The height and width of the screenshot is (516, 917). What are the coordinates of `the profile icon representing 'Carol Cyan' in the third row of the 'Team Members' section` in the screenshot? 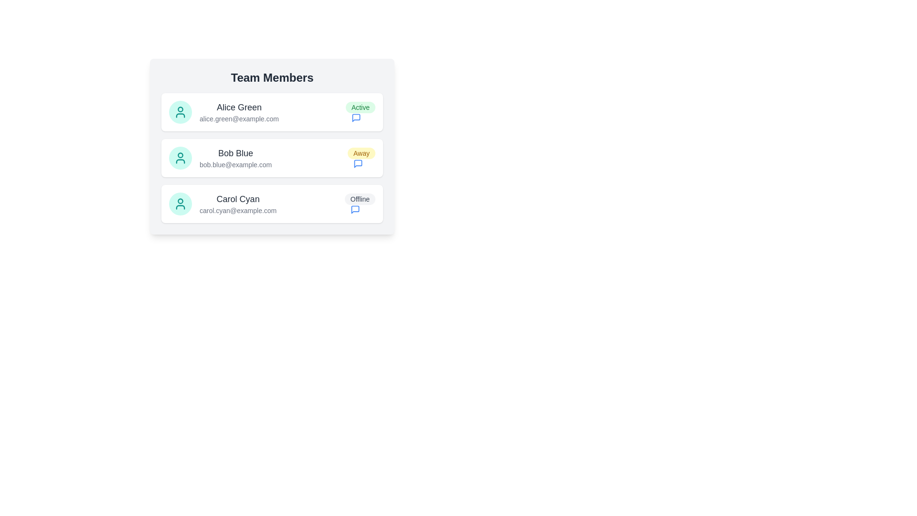 It's located at (181, 204).